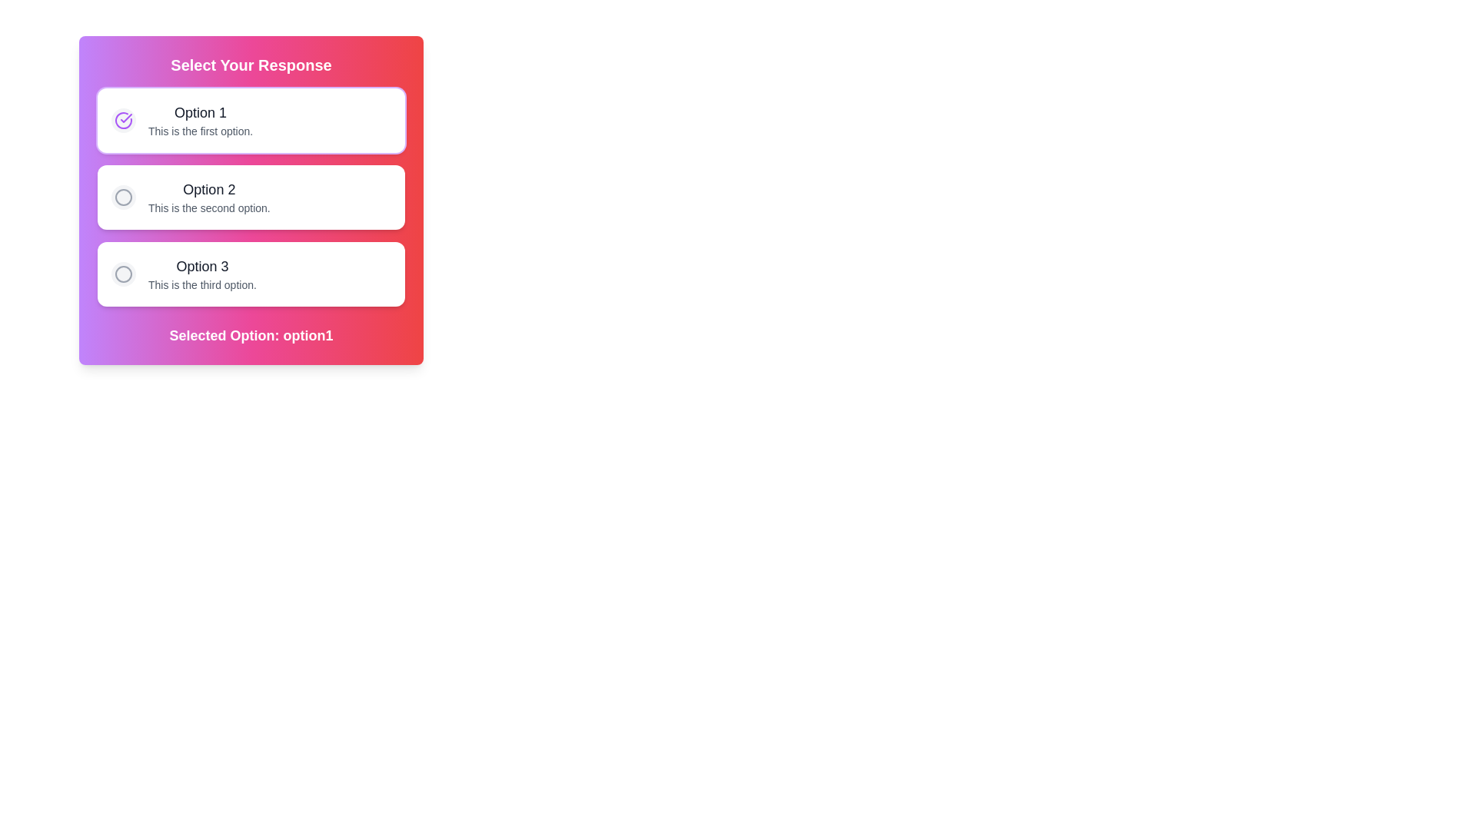  Describe the element at coordinates (201, 266) in the screenshot. I see `the text label 'Option 3' which serves as the title for the third selection option in a multiple choice interface` at that location.